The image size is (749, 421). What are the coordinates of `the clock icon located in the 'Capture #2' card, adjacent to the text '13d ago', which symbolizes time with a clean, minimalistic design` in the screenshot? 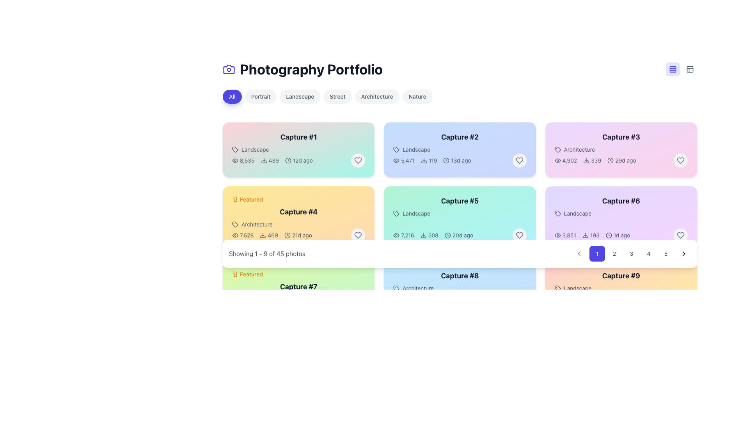 It's located at (446, 160).